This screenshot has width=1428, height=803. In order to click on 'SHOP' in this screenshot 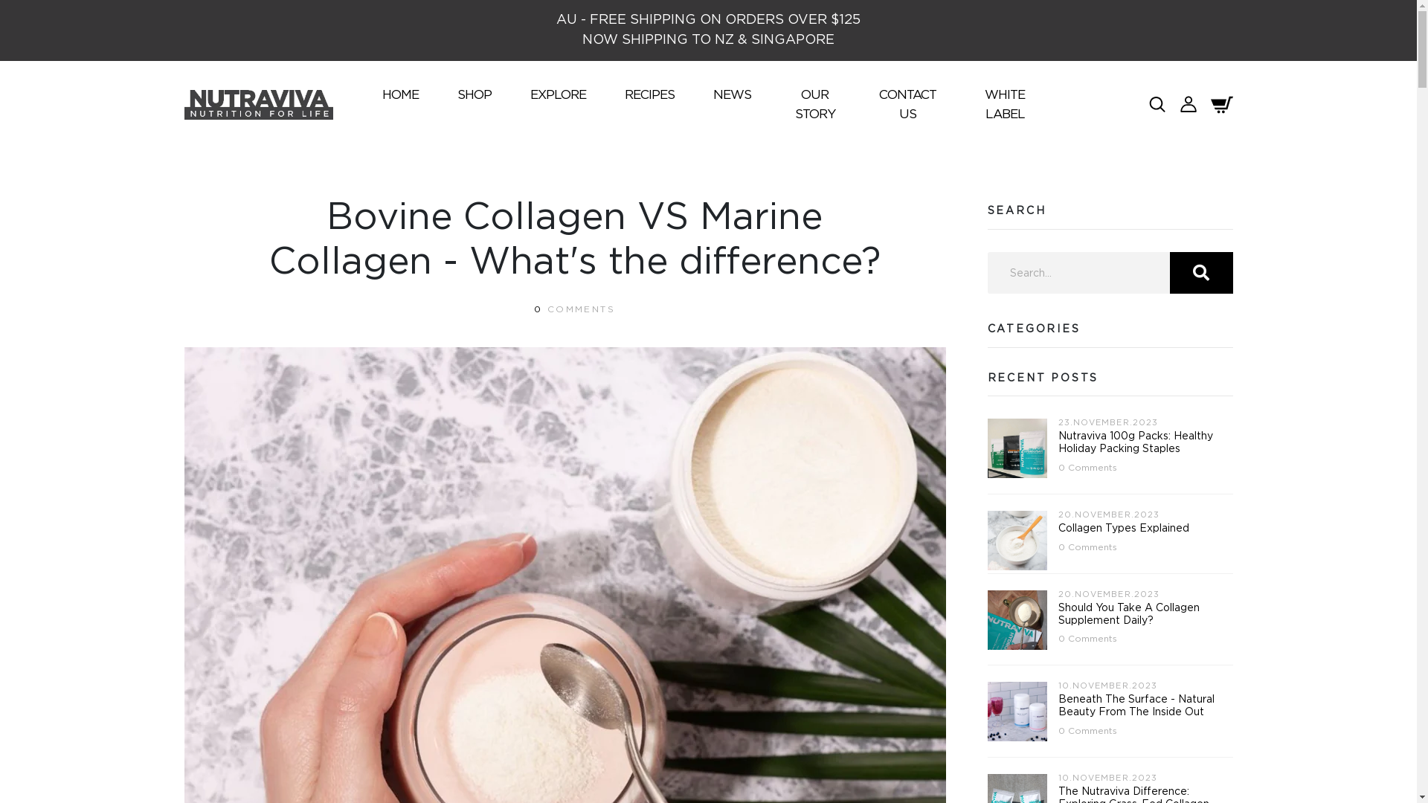, I will do `click(473, 94)`.